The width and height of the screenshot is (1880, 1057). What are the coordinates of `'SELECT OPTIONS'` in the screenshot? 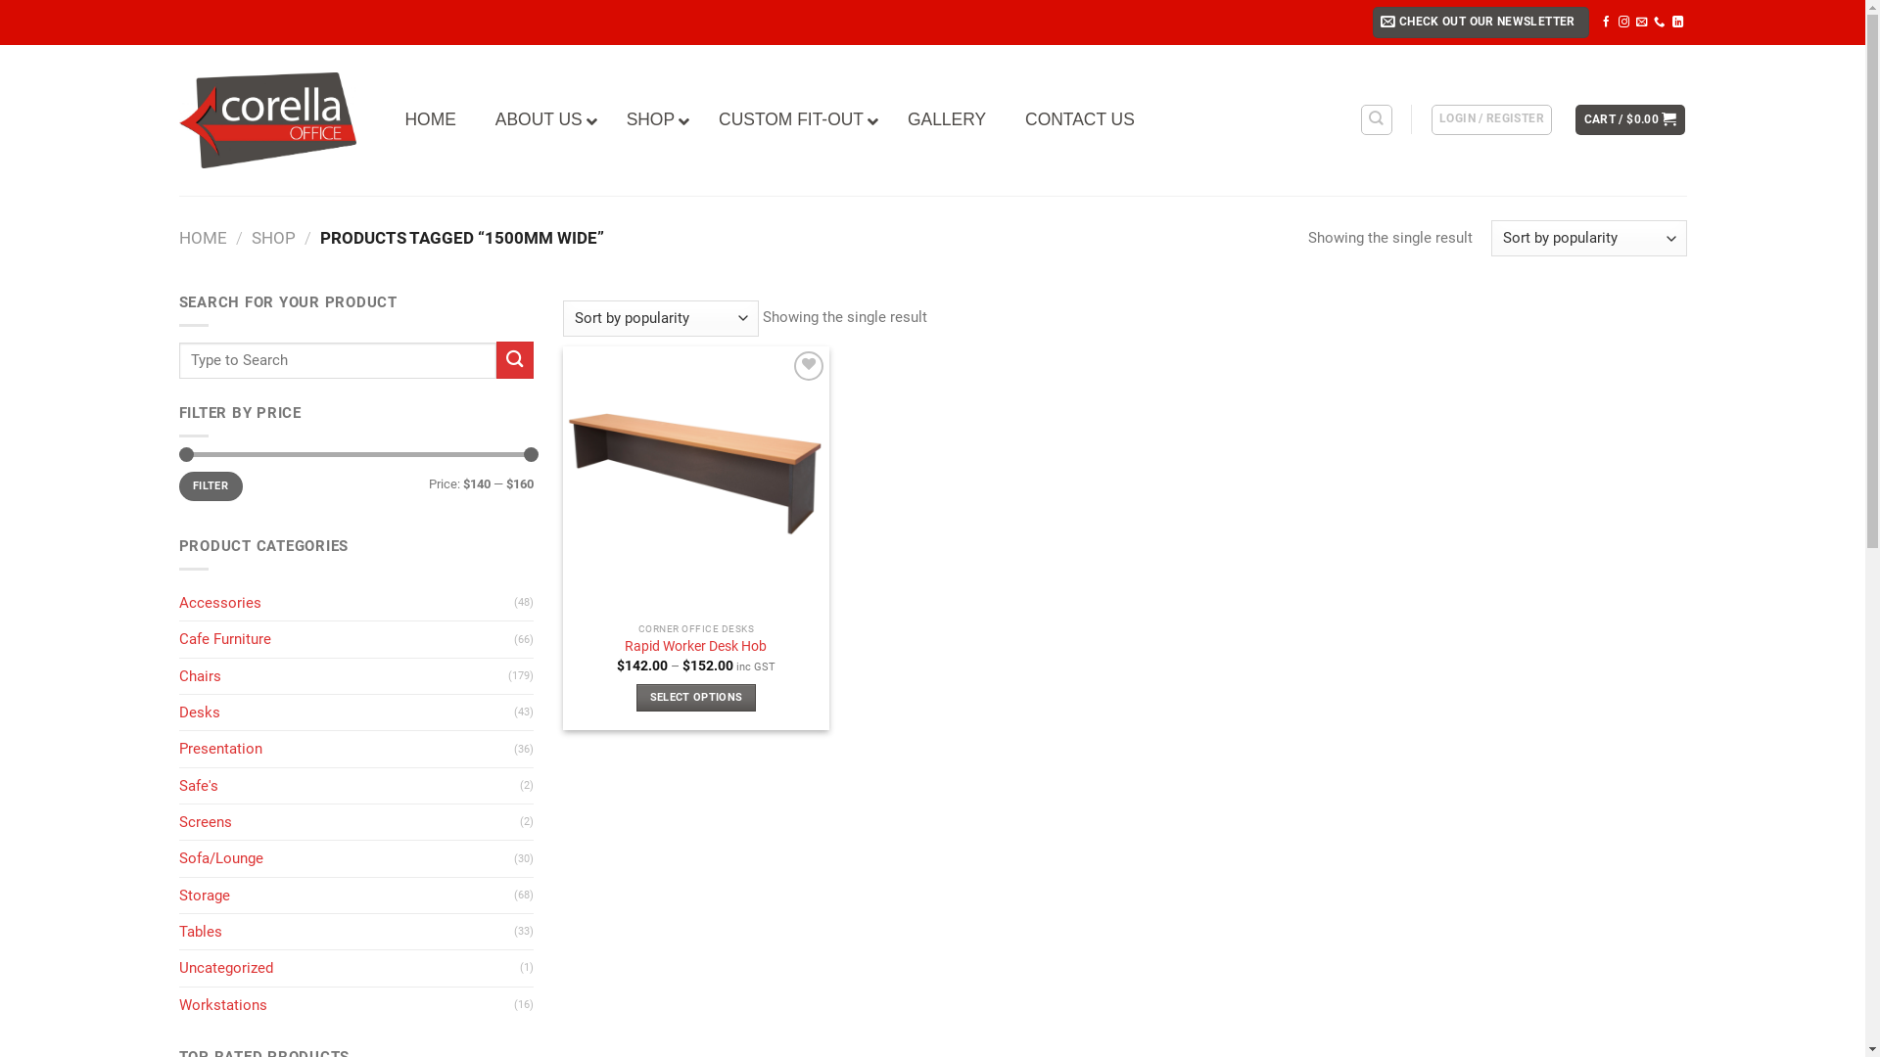 It's located at (696, 697).